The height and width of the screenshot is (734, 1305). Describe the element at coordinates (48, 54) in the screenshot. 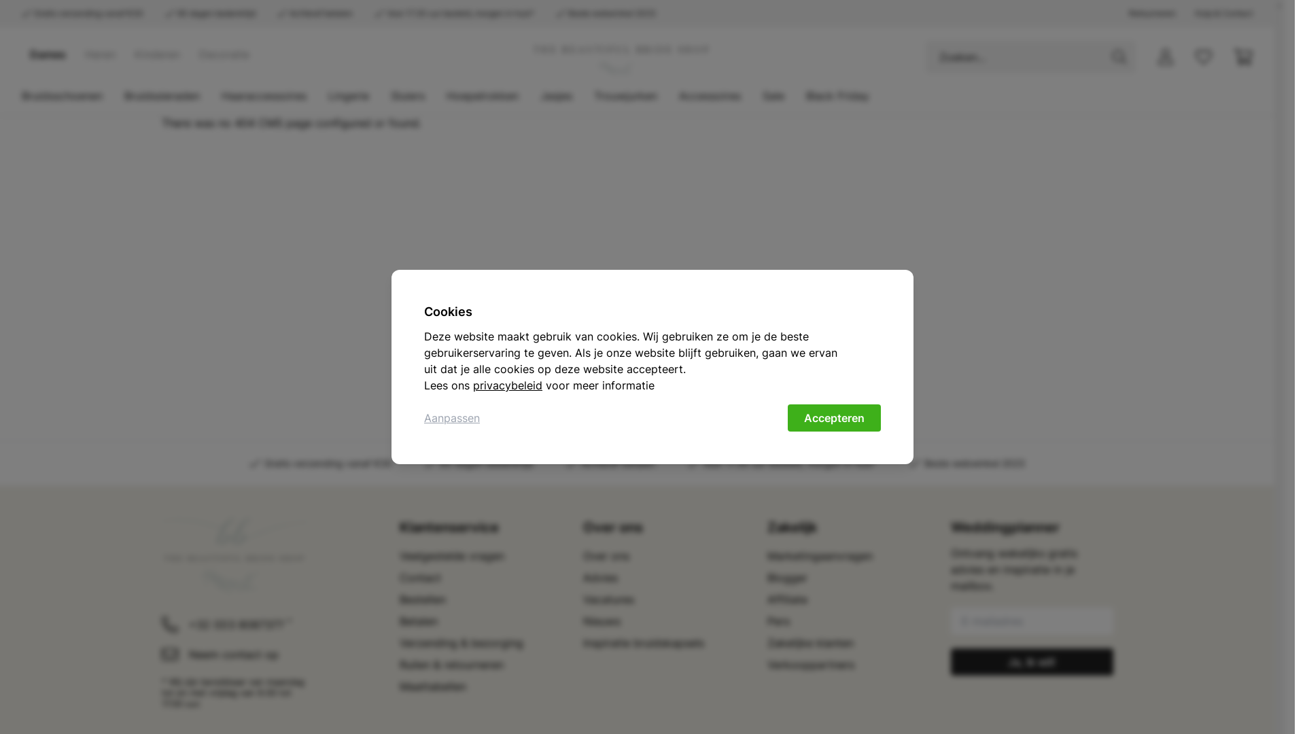

I see `'Dames'` at that location.